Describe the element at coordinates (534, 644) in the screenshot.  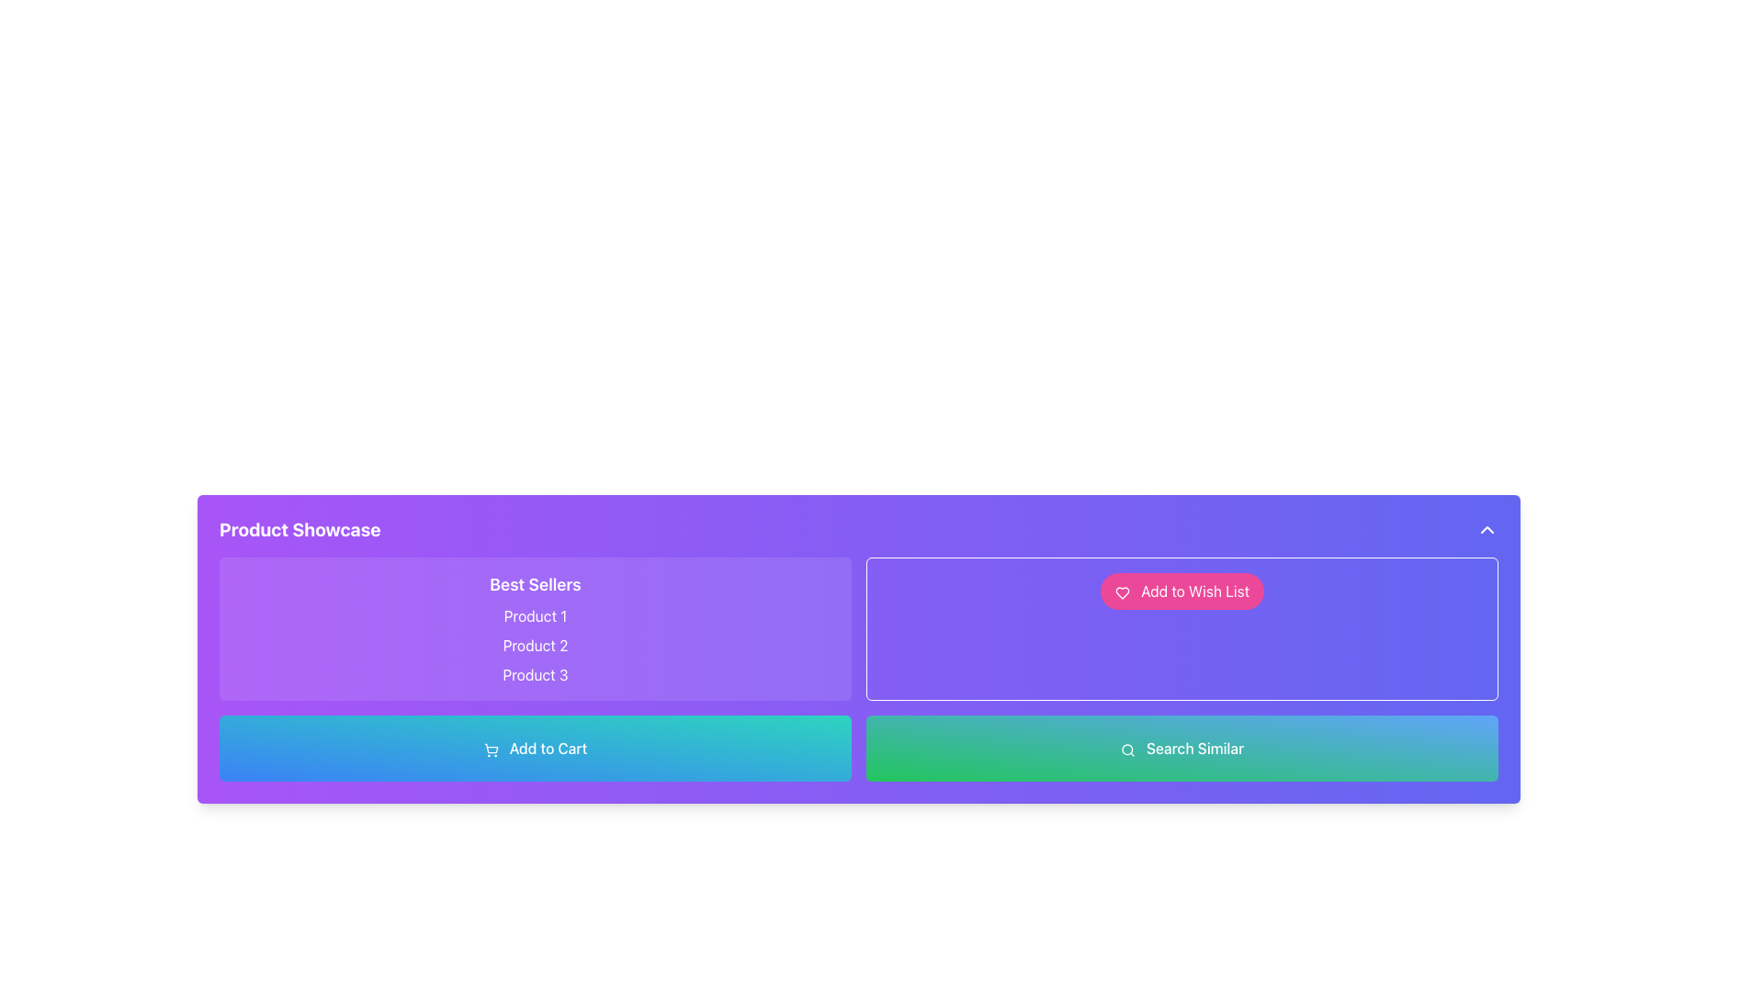
I see `the second text label 'Product 2' in the 'Best Sellers' list located in the purple 'Product Showcase' section` at that location.